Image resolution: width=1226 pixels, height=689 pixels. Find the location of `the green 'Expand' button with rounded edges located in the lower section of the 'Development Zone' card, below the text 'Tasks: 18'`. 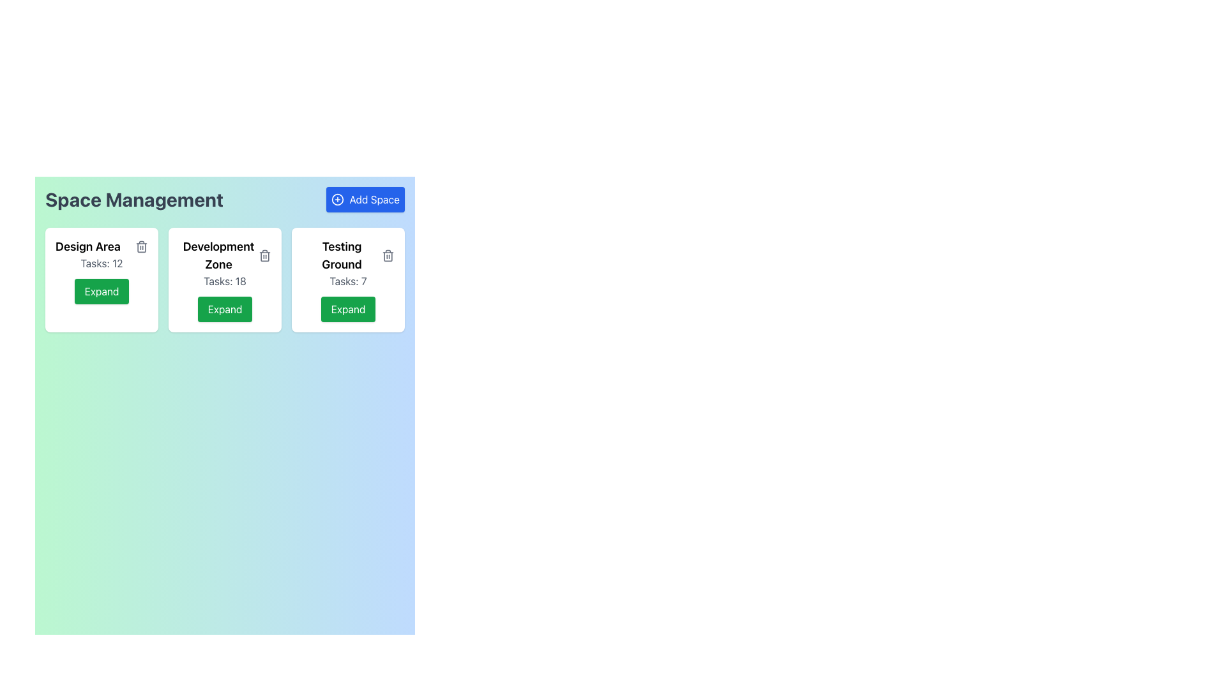

the green 'Expand' button with rounded edges located in the lower section of the 'Development Zone' card, below the text 'Tasks: 18' is located at coordinates (225, 309).